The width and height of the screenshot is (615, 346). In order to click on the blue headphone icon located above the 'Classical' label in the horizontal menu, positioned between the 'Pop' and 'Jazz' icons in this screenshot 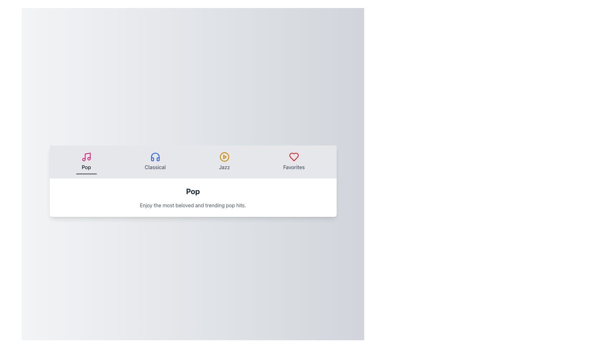, I will do `click(155, 157)`.